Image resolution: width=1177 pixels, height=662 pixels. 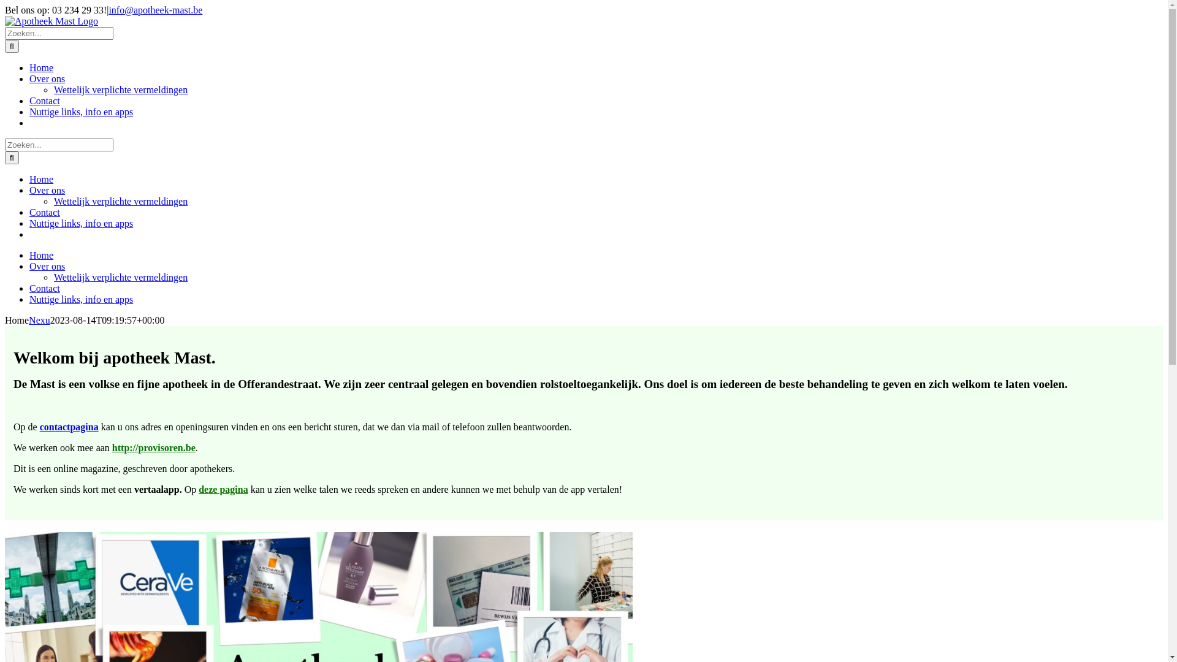 What do you see at coordinates (154, 10) in the screenshot?
I see `'info@apotheek-mast.be'` at bounding box center [154, 10].